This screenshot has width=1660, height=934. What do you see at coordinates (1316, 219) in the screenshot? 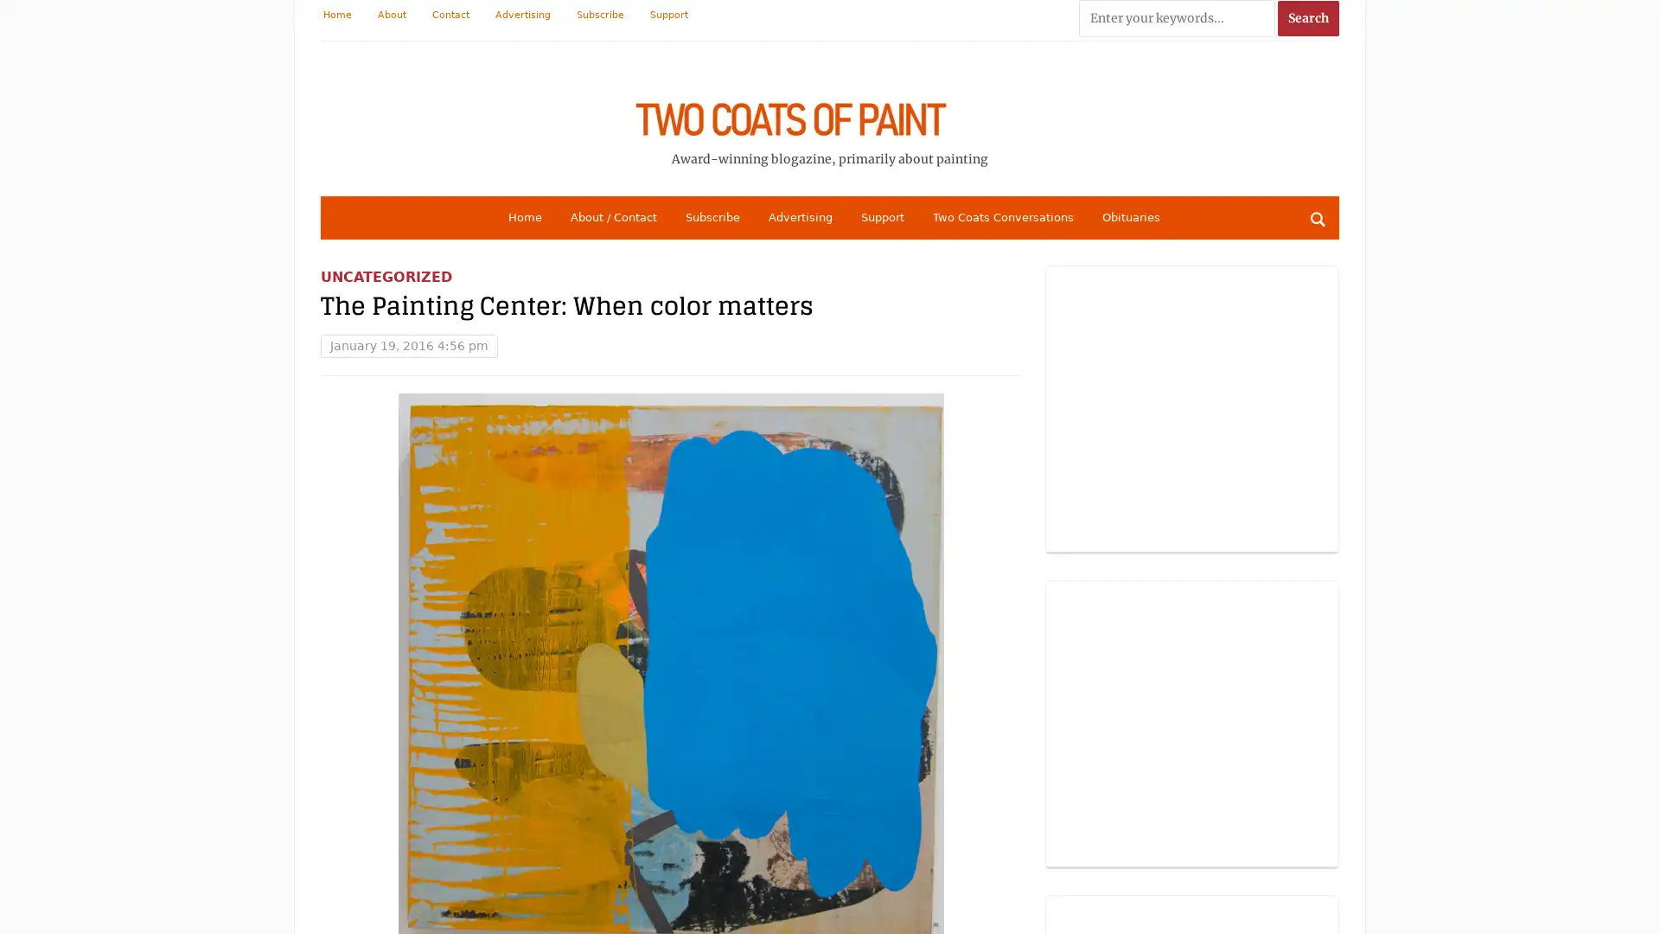
I see `Search` at bounding box center [1316, 219].